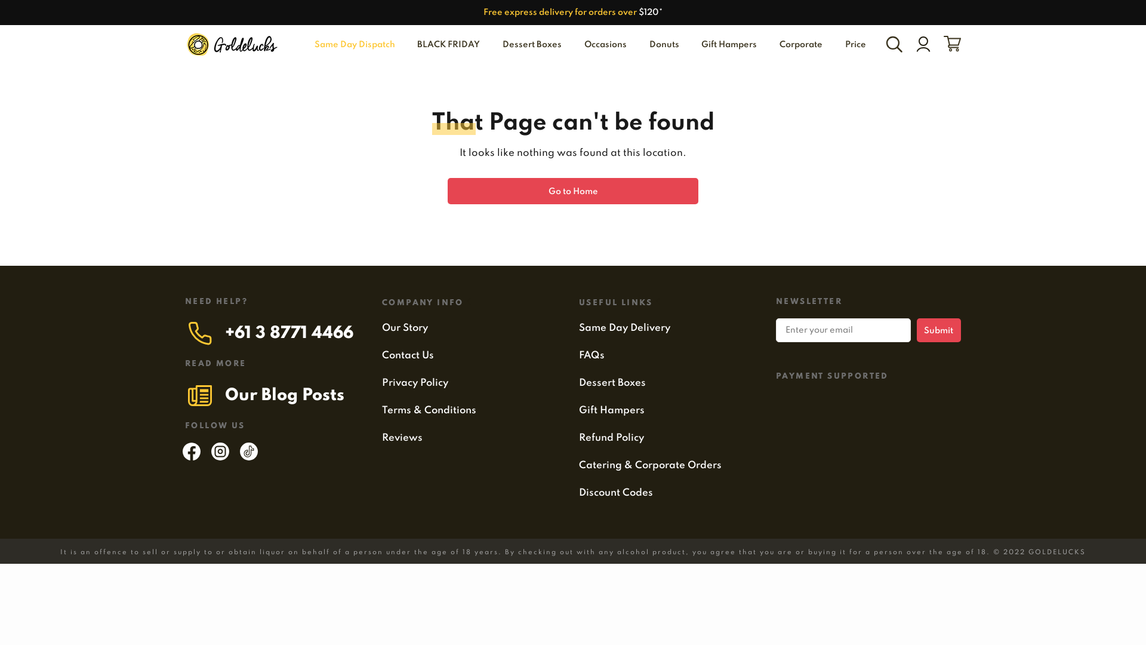 This screenshot has width=1146, height=645. Describe the element at coordinates (405, 327) in the screenshot. I see `'Our Story'` at that location.